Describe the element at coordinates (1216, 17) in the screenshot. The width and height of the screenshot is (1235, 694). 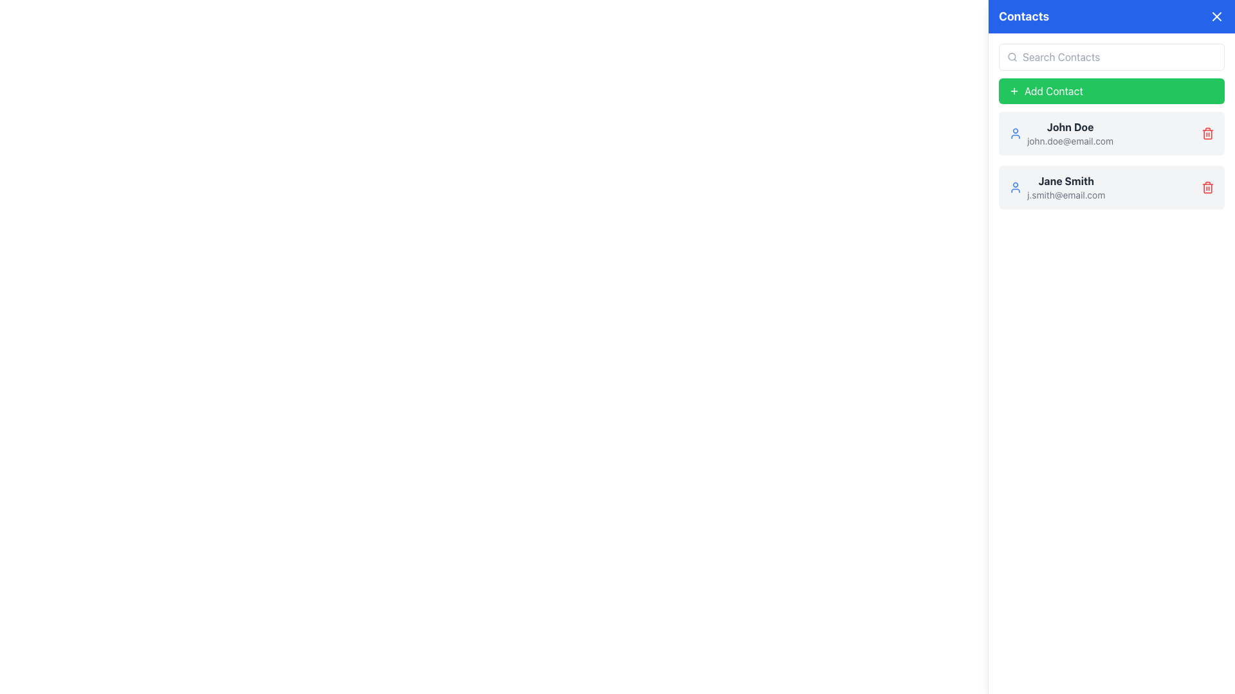
I see `the close button located in the top-right corner of the header, which has a blue background and is positioned to the right of the text 'Contacts'` at that location.